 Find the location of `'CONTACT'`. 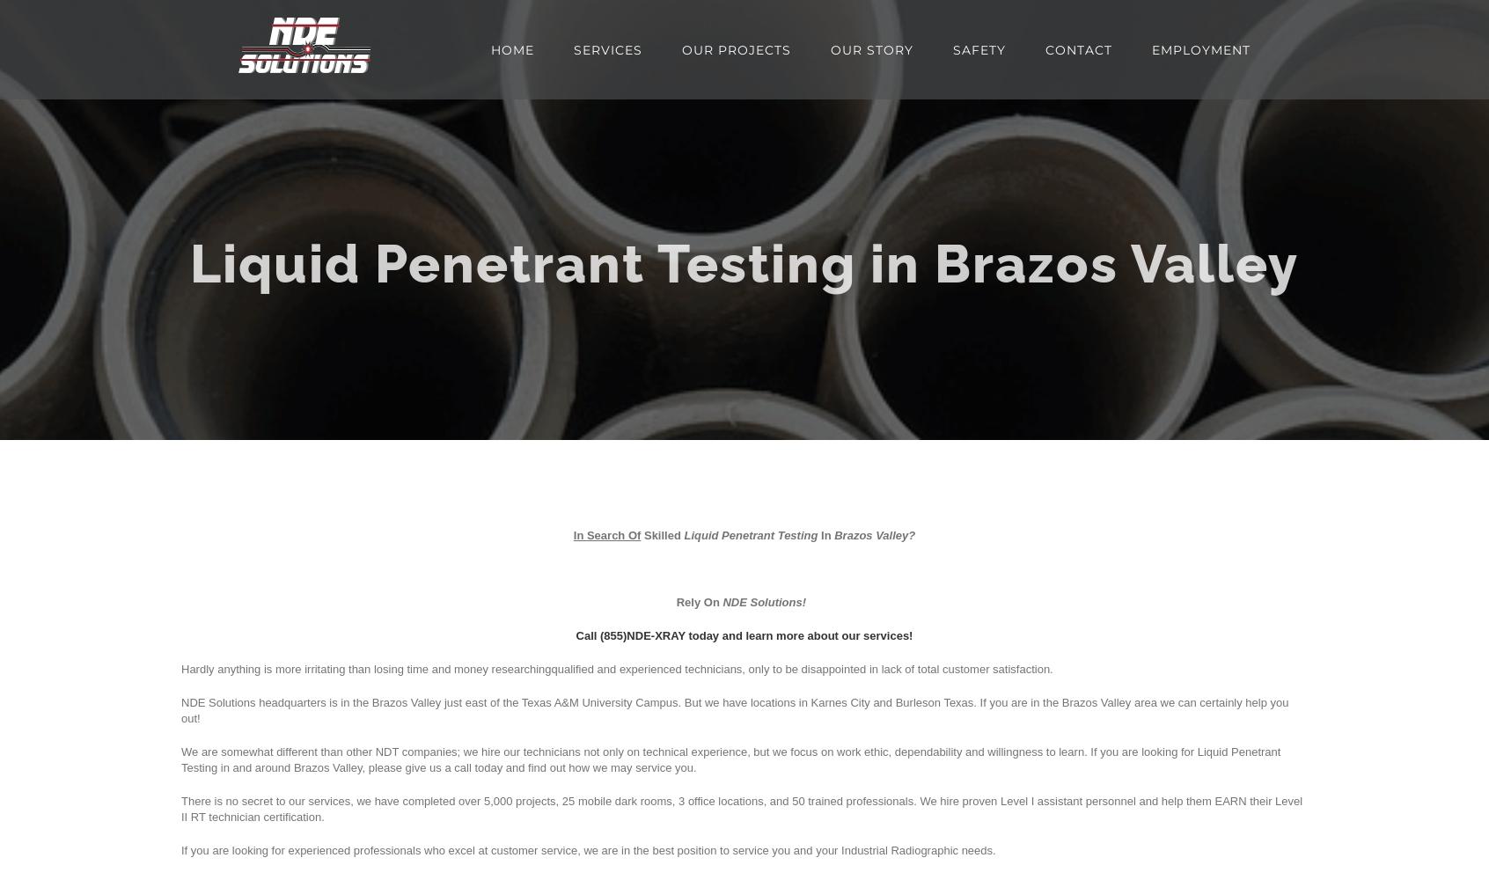

'CONTACT' is located at coordinates (1043, 49).